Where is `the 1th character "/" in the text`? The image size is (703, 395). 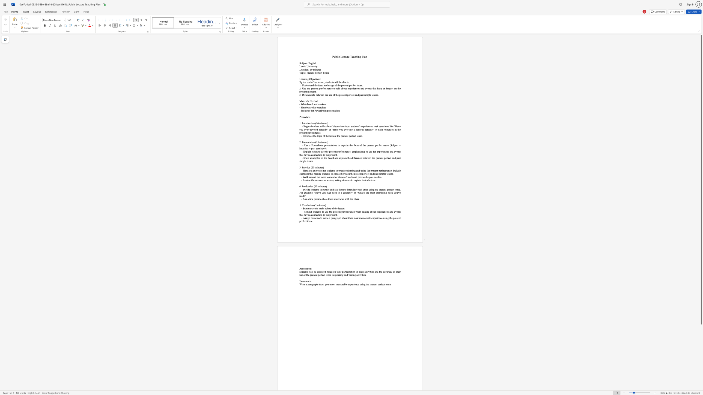 the 1th character "/" in the text is located at coordinates (304, 148).